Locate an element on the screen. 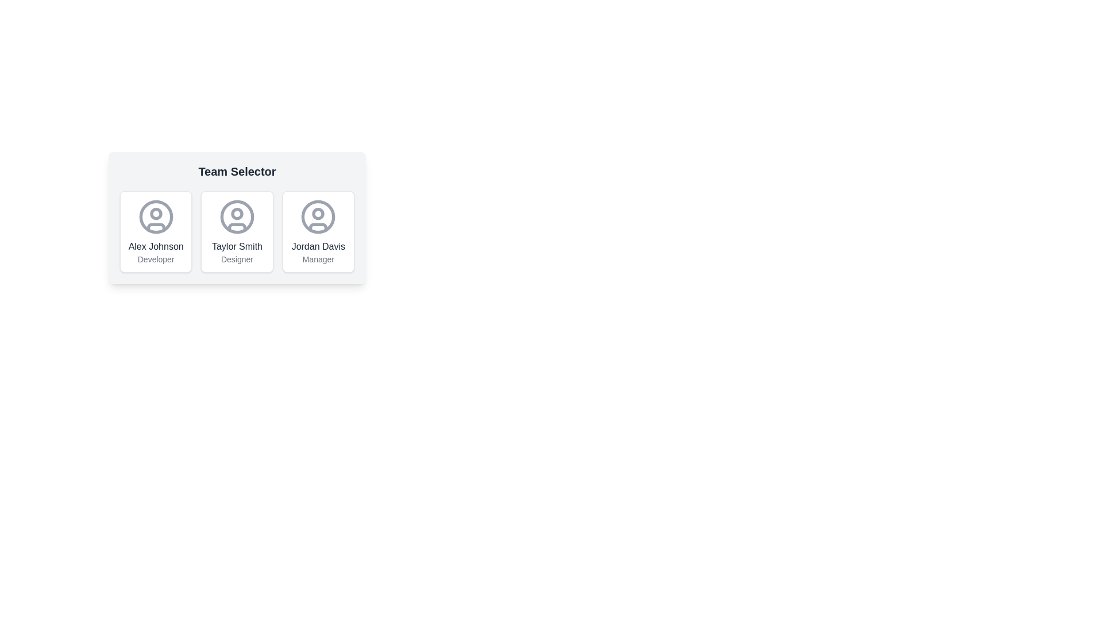  the small circular shape within the profile icon of Jordan Davis, Manager, which is the third member profile from the left in the list is located at coordinates (318, 214).